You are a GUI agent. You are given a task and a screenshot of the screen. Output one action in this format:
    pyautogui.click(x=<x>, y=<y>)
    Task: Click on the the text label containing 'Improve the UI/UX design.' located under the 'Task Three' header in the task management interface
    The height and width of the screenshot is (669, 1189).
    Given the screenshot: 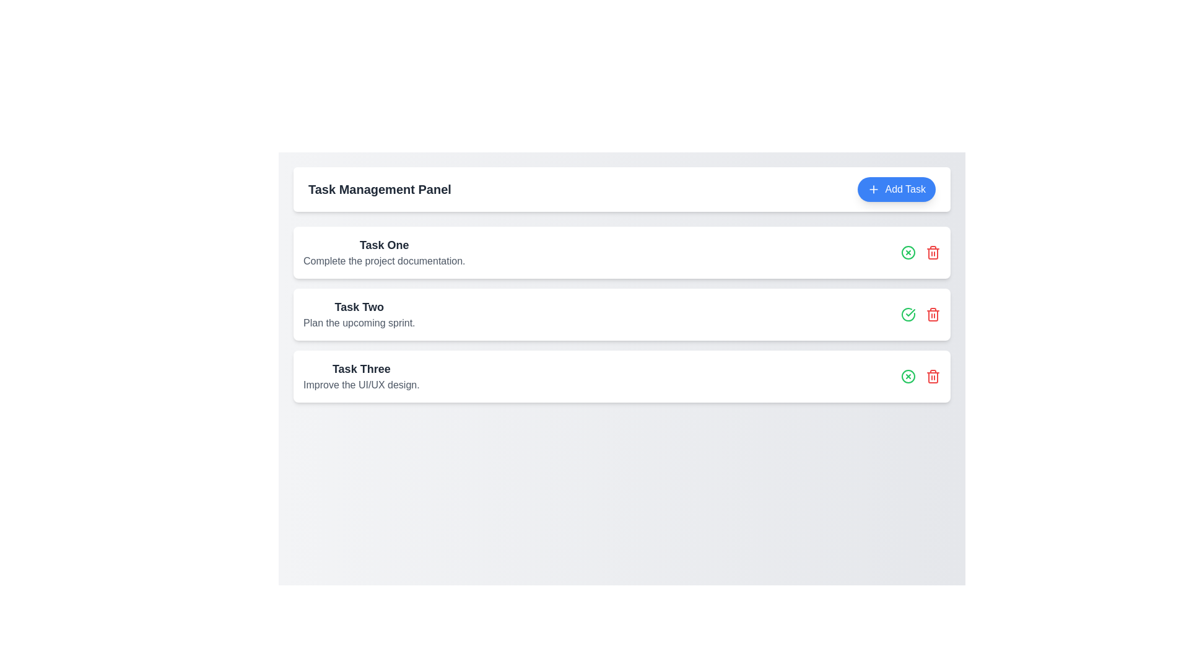 What is the action you would take?
    pyautogui.click(x=360, y=384)
    